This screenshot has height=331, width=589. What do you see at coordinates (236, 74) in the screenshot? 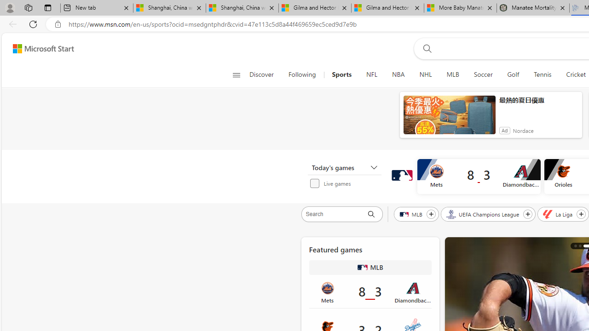
I see `'Class: button-glyph'` at bounding box center [236, 74].